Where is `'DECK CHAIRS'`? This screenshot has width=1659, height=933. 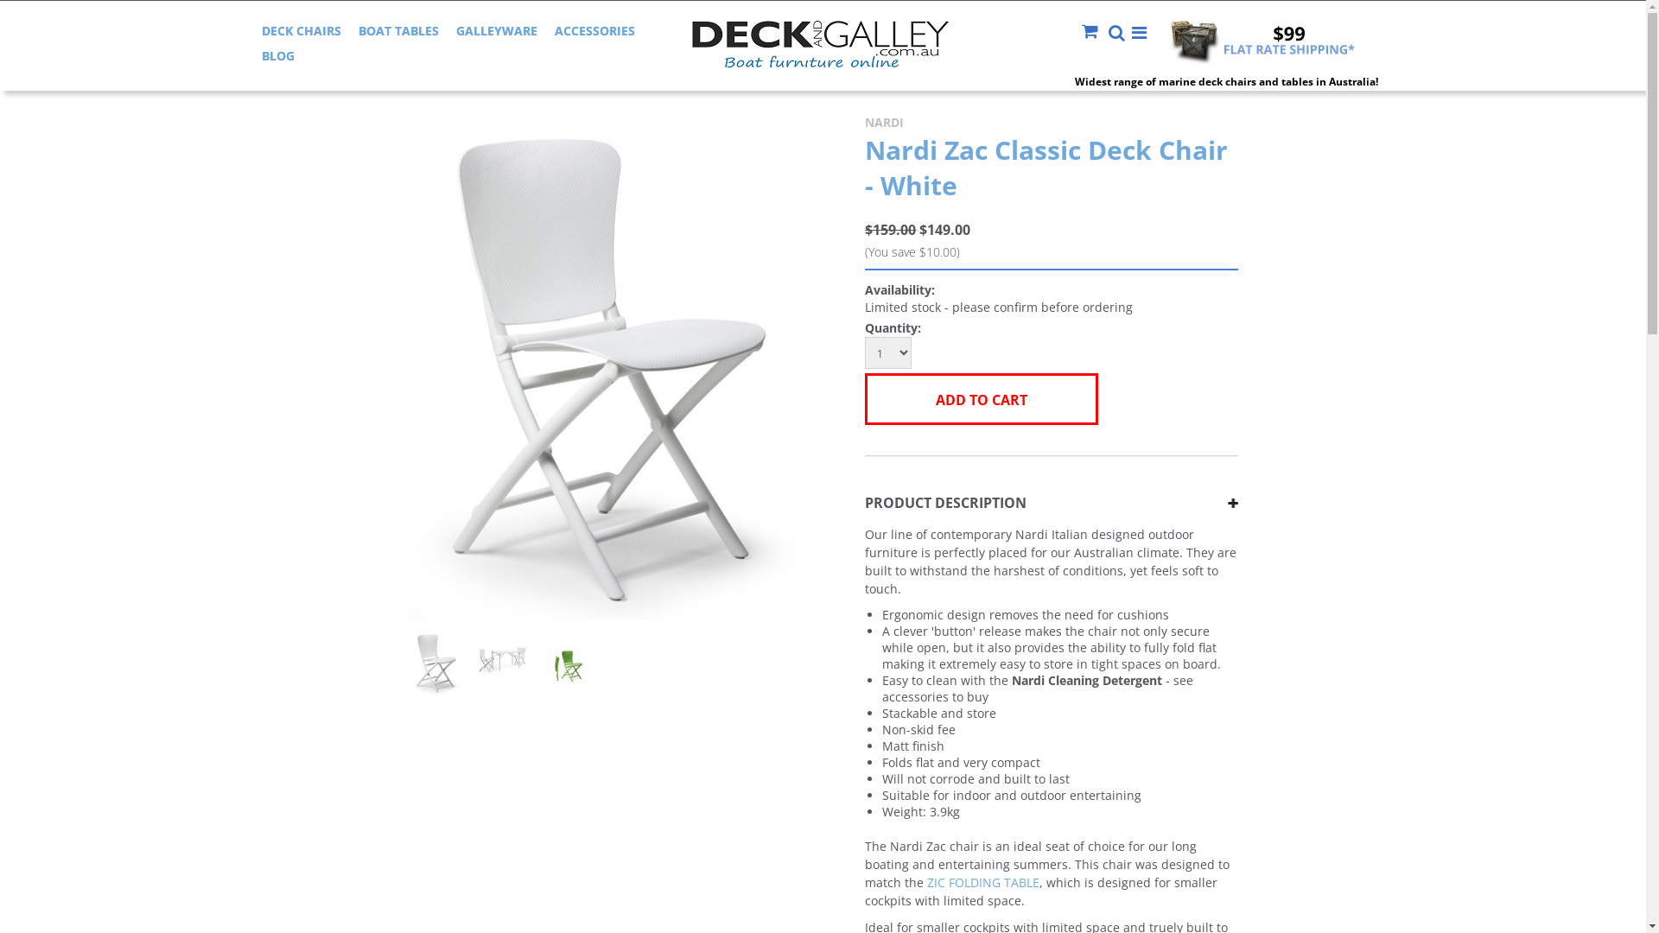
'DECK CHAIRS' is located at coordinates (300, 30).